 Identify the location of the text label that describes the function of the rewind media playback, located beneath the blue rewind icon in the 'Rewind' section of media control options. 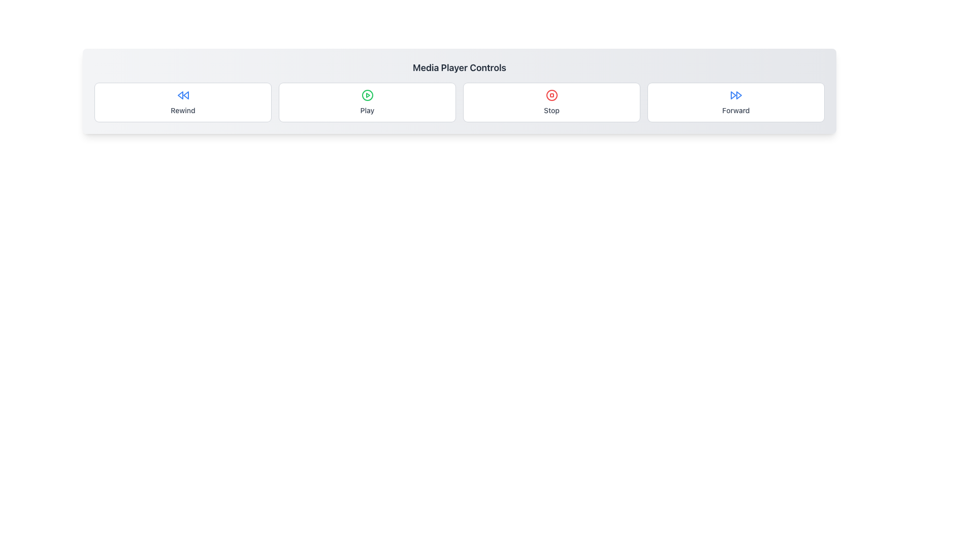
(183, 111).